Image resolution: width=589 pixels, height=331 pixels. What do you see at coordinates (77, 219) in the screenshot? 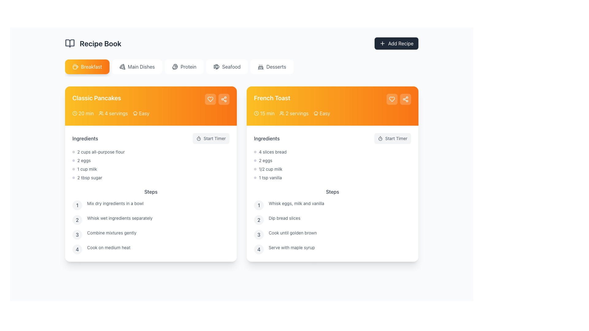
I see `the step indicator text for the second step in the 'Classic Pancakes' recipe instructions` at bounding box center [77, 219].